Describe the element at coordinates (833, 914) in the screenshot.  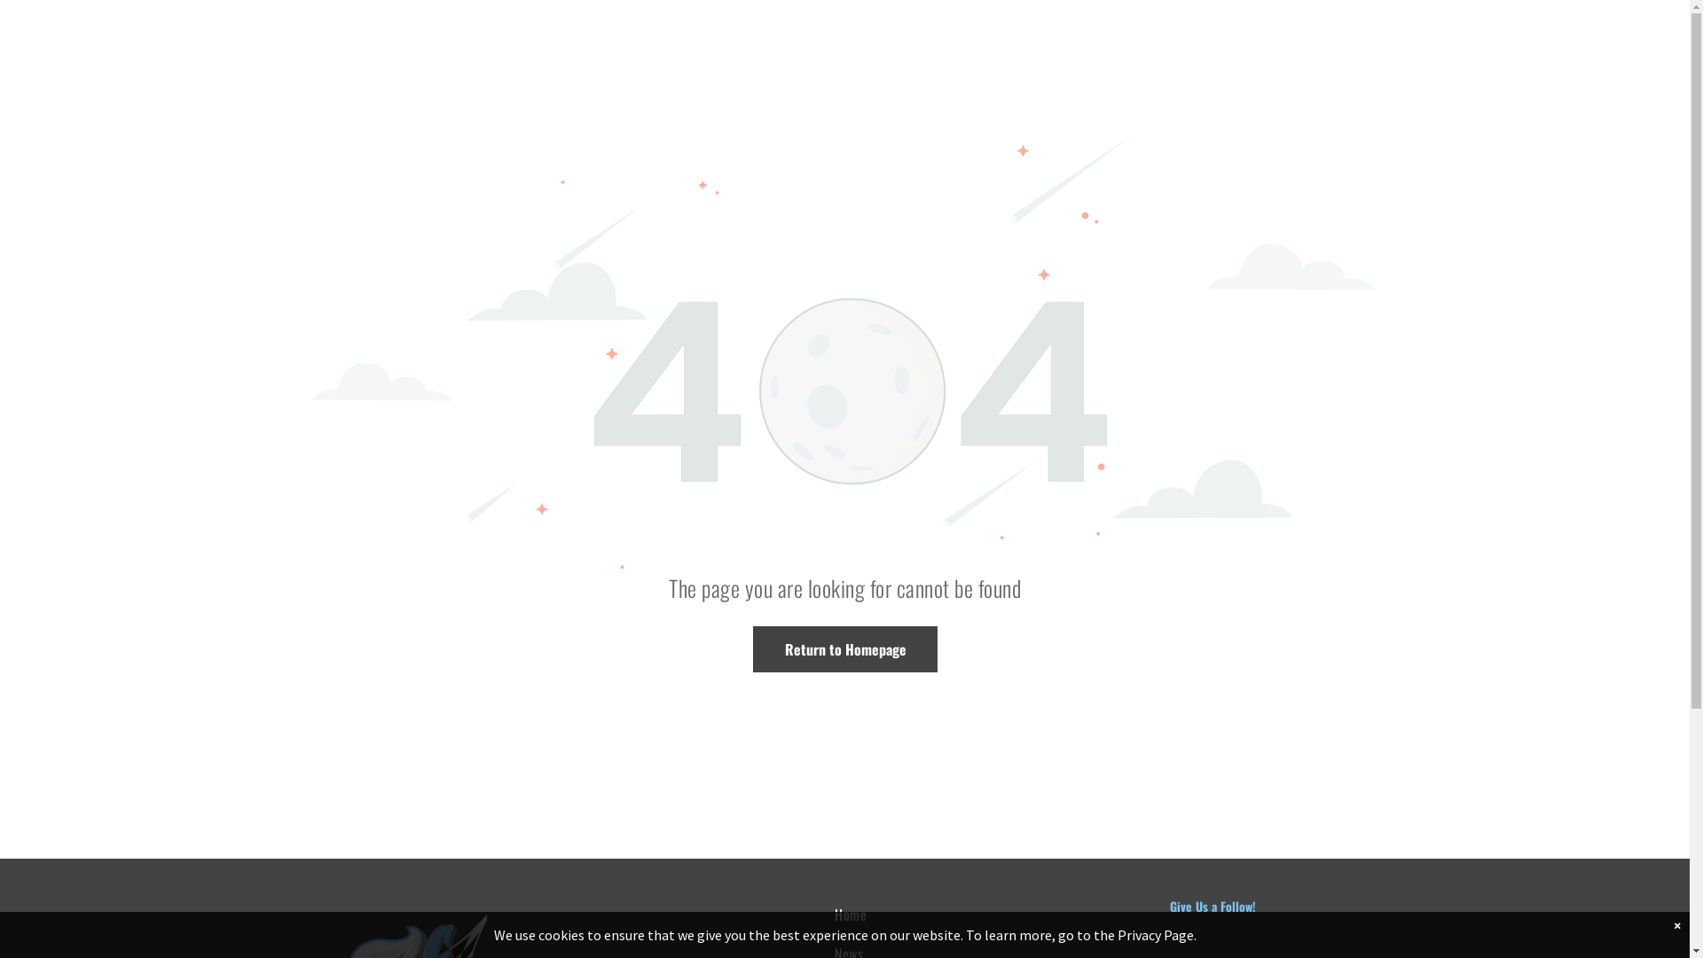
I see `'Home'` at that location.